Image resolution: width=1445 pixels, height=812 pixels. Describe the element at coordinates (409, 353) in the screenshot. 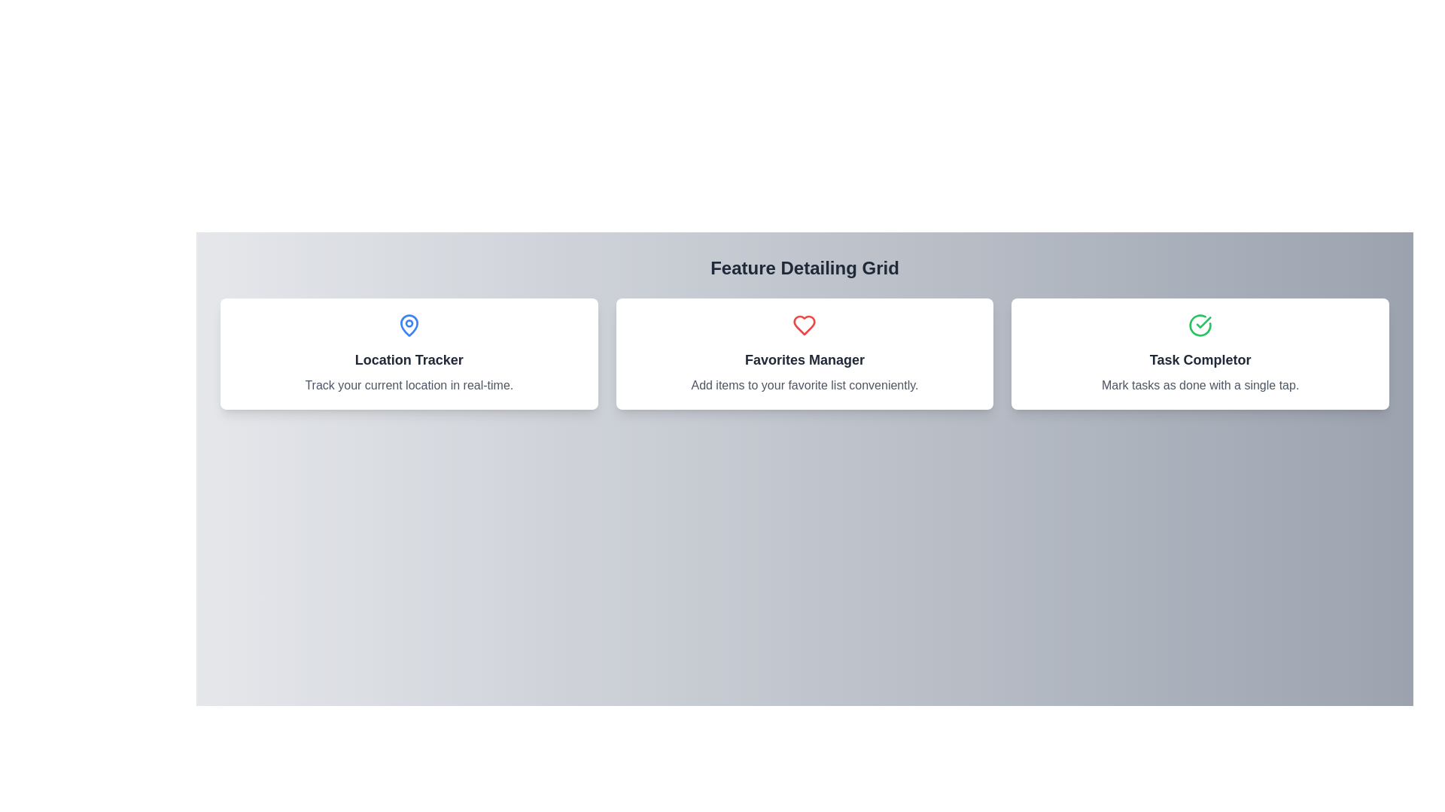

I see `the 'Location Tracker' feature card, which is the first card in a horizontally aligned grid of three cards` at that location.